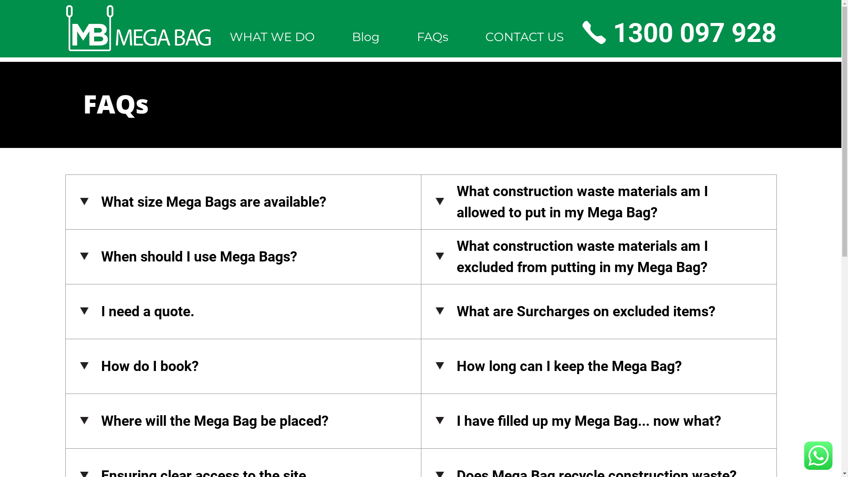  Describe the element at coordinates (243, 257) in the screenshot. I see `'When should I use Mega Bags?'` at that location.